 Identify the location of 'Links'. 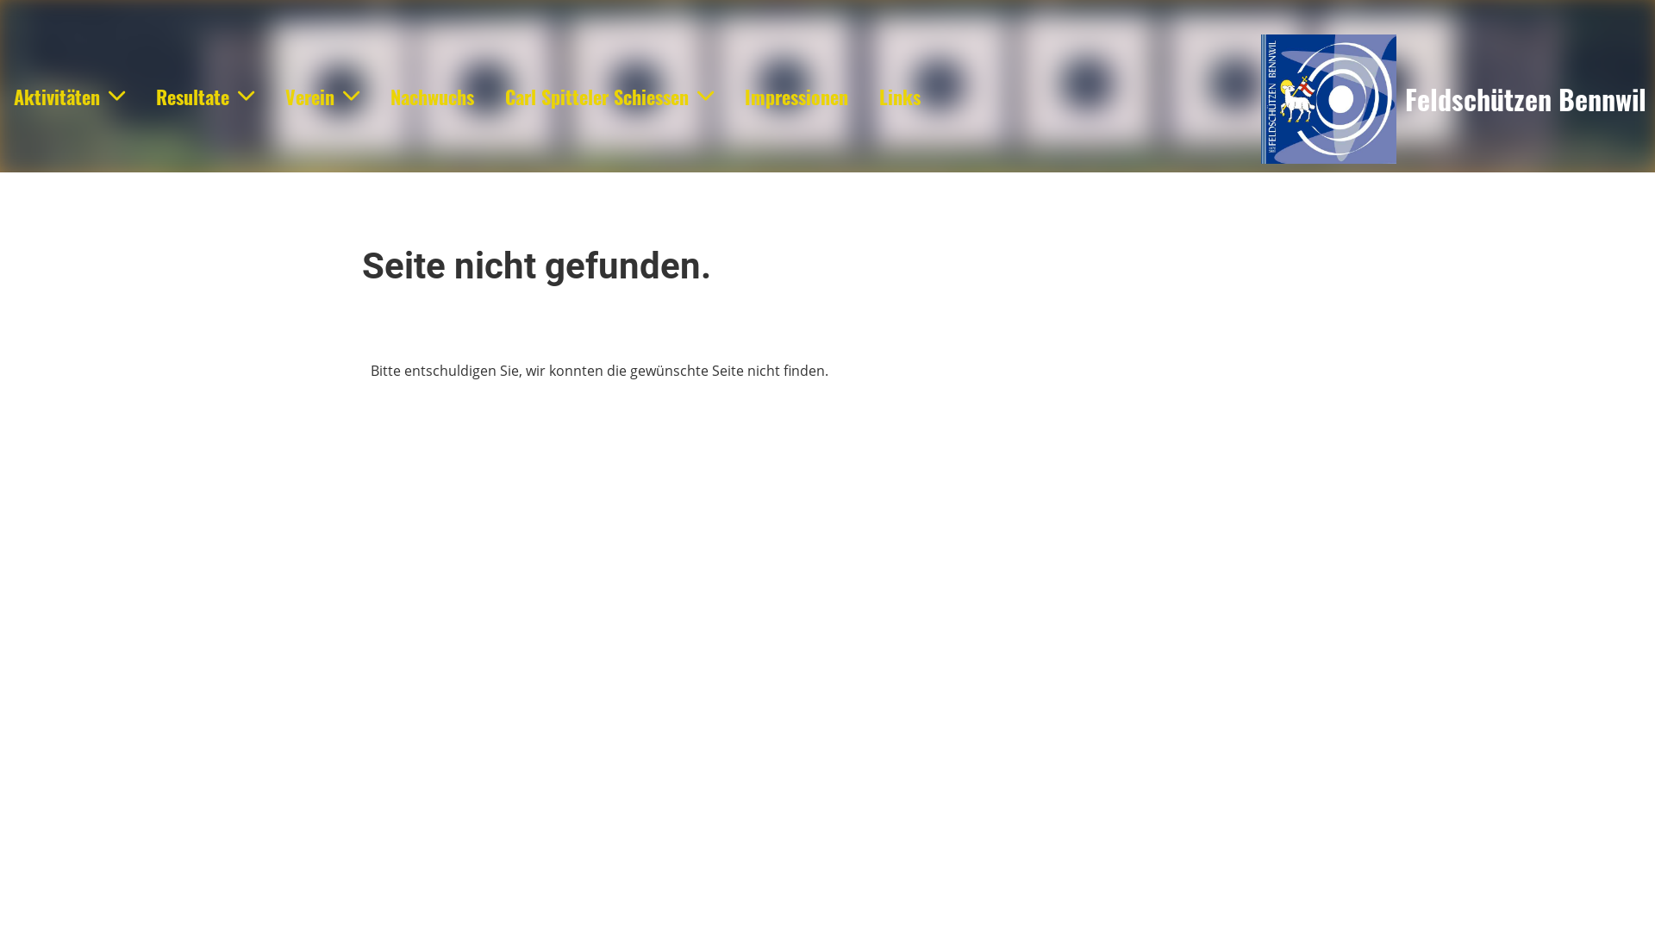
(898, 97).